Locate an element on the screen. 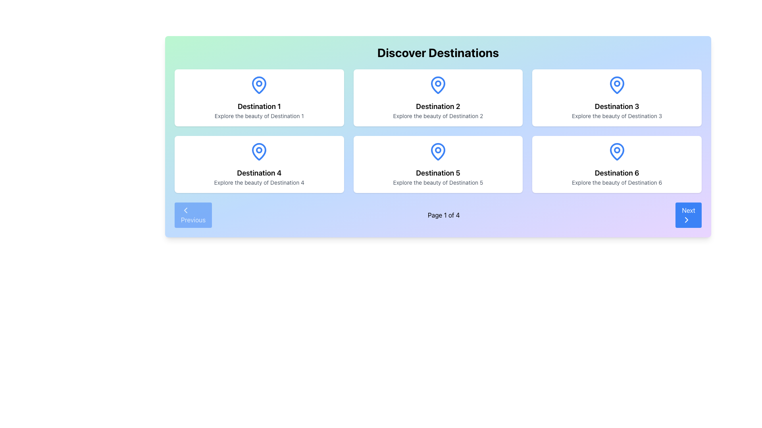 Image resolution: width=762 pixels, height=428 pixels. the visual representation of the location by focusing on the map pin icon located at the upper center of the card for 'Destination 3' is located at coordinates (616, 85).